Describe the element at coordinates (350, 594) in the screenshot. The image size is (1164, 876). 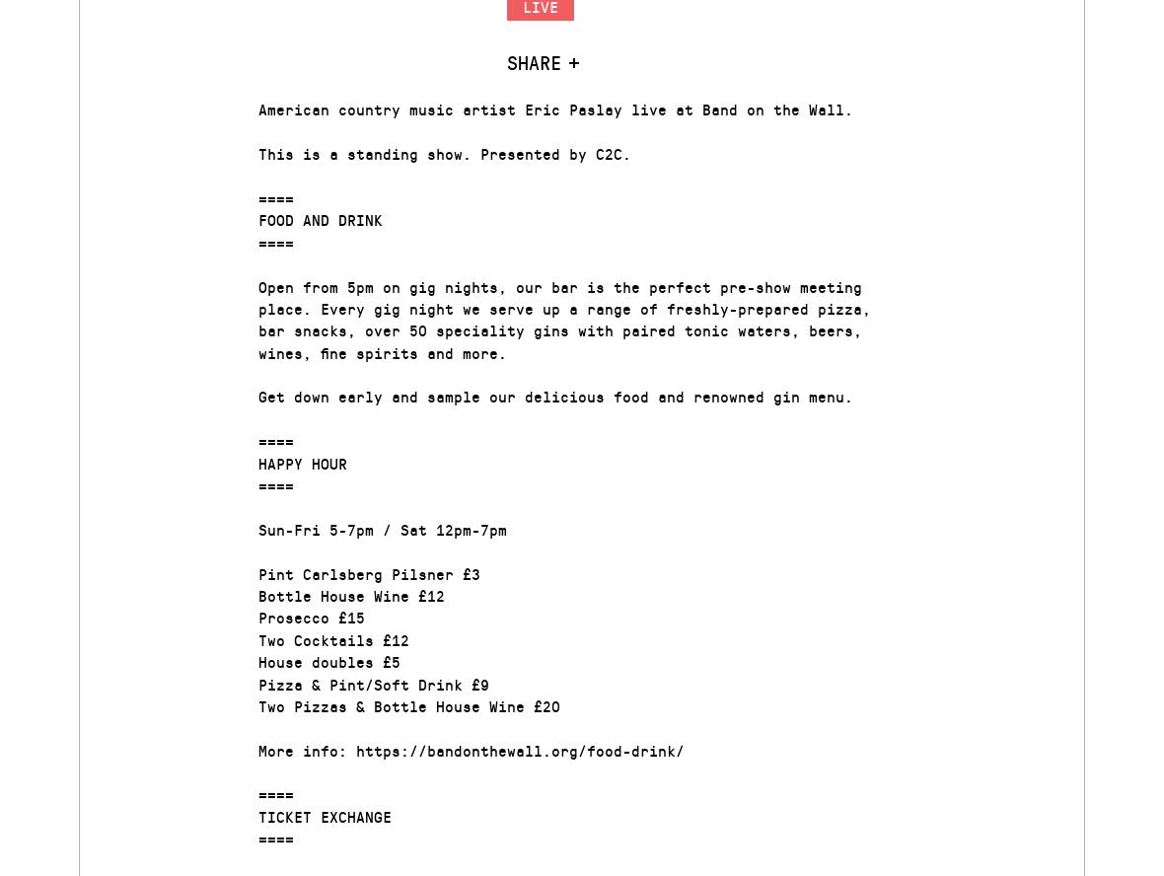
I see `'Bottle House Wine £12'` at that location.